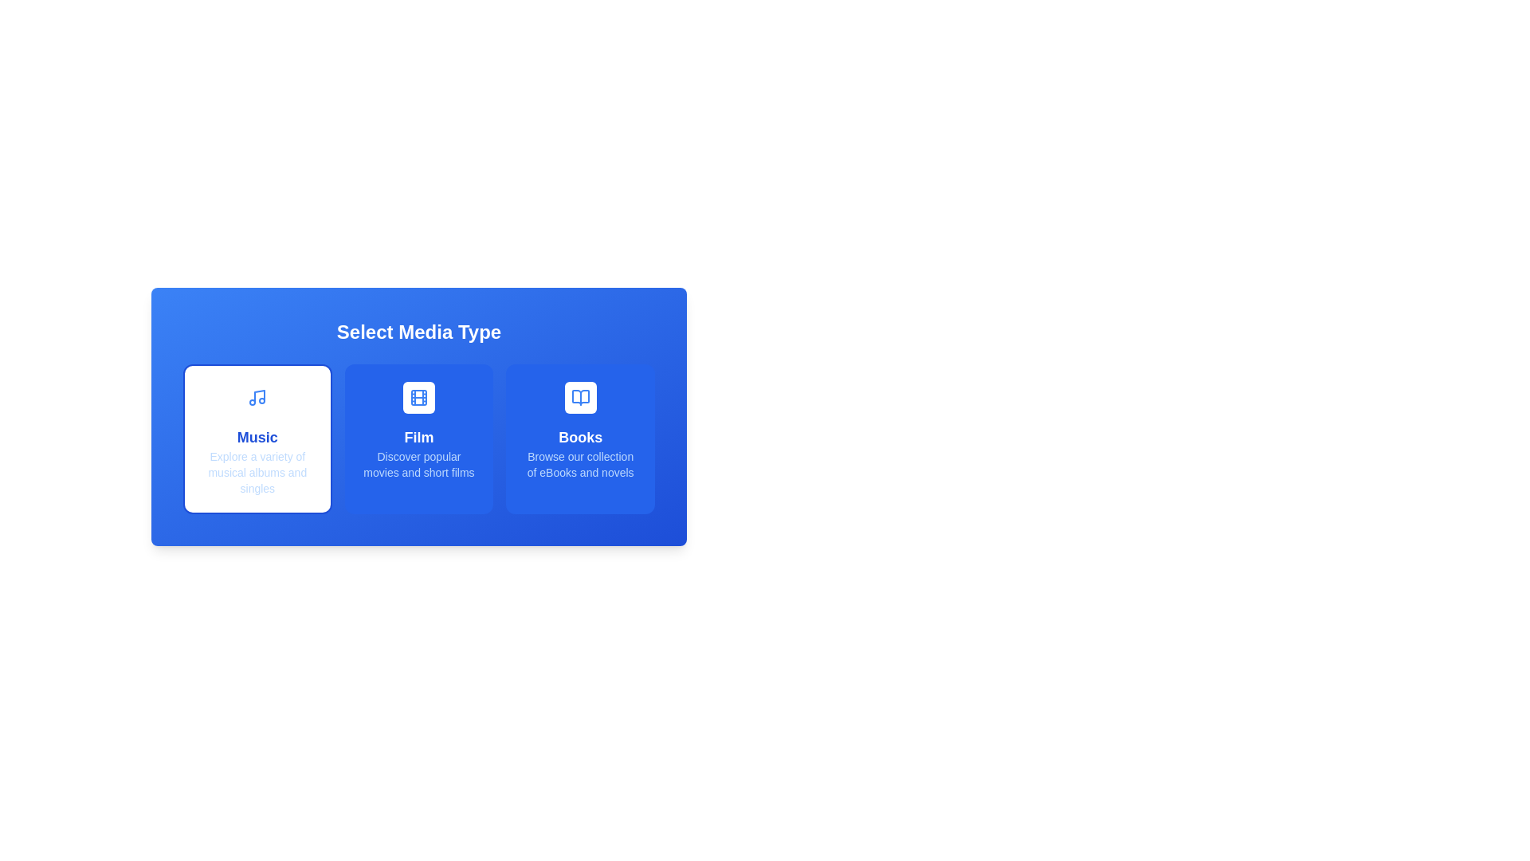  Describe the element at coordinates (418, 396) in the screenshot. I see `the square-shaped button with a white background and blue border that contains a blue film icon, positioned centrally in the 'Film' panel` at that location.